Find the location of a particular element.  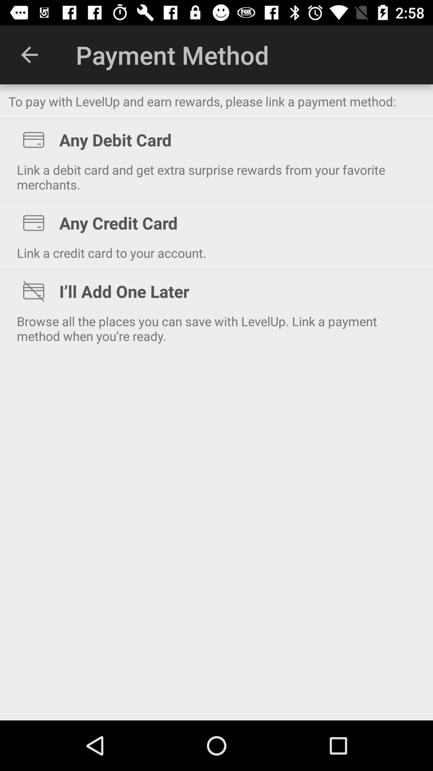

icon next to payment method item is located at coordinates (29, 54).